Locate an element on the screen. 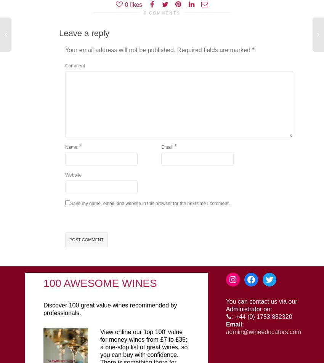  'Your email address will not be published.' is located at coordinates (120, 49).